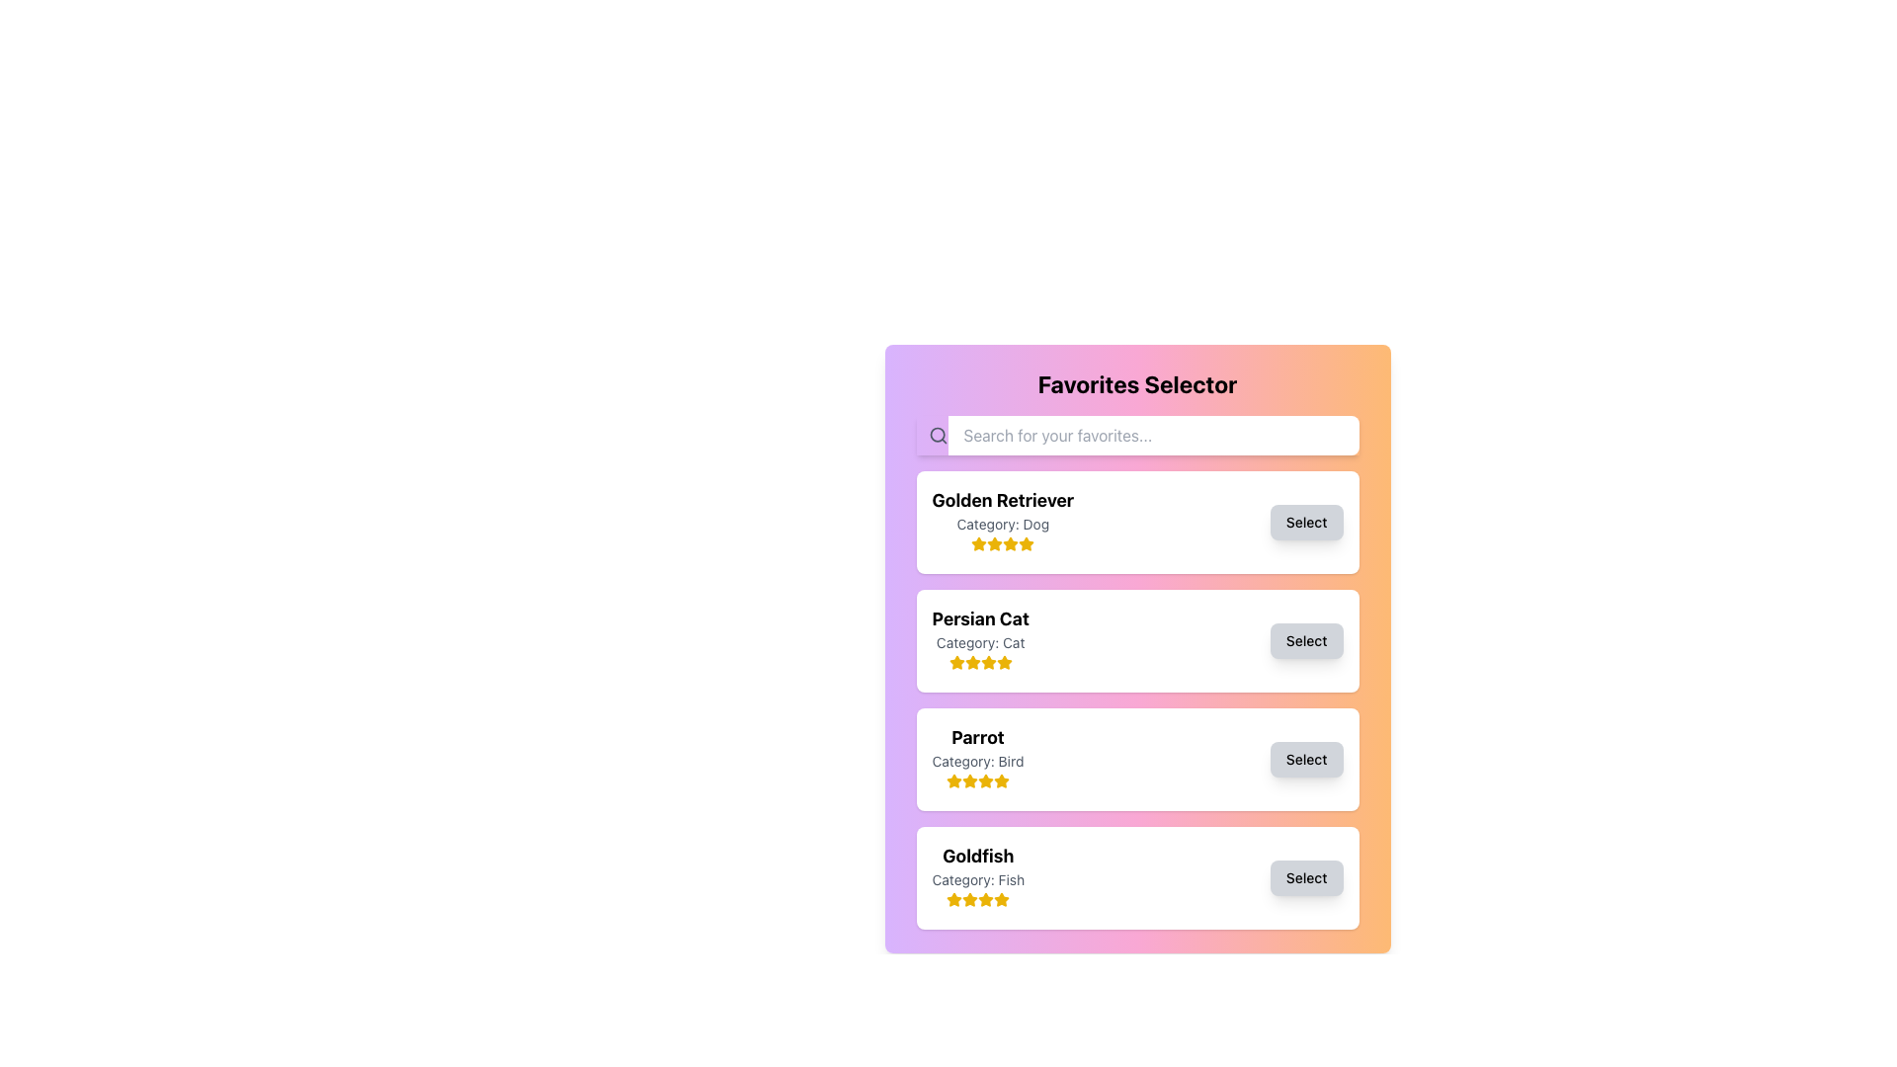 This screenshot has width=1897, height=1067. What do you see at coordinates (1137, 699) in the screenshot?
I see `the third item in the 'Favorites Selector' interface` at bounding box center [1137, 699].